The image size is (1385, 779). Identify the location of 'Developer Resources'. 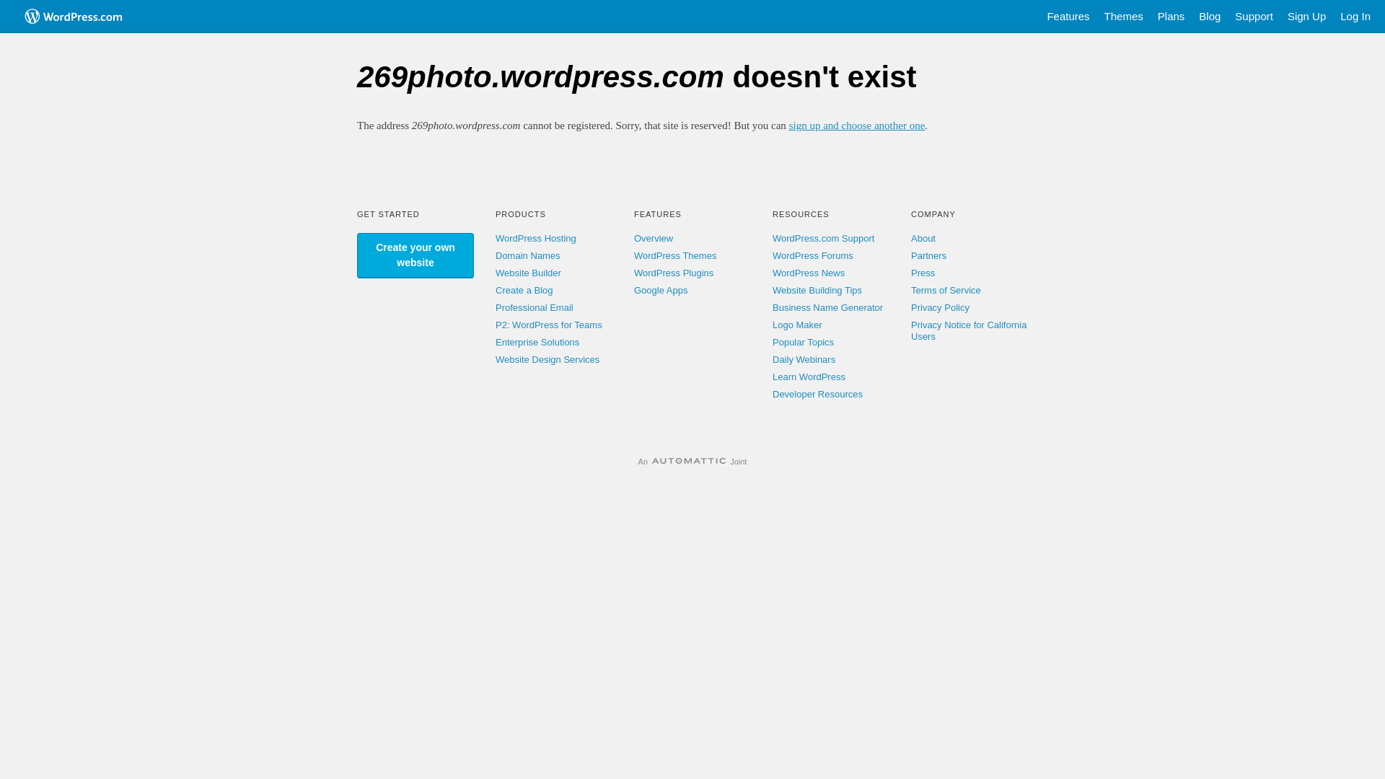
(817, 394).